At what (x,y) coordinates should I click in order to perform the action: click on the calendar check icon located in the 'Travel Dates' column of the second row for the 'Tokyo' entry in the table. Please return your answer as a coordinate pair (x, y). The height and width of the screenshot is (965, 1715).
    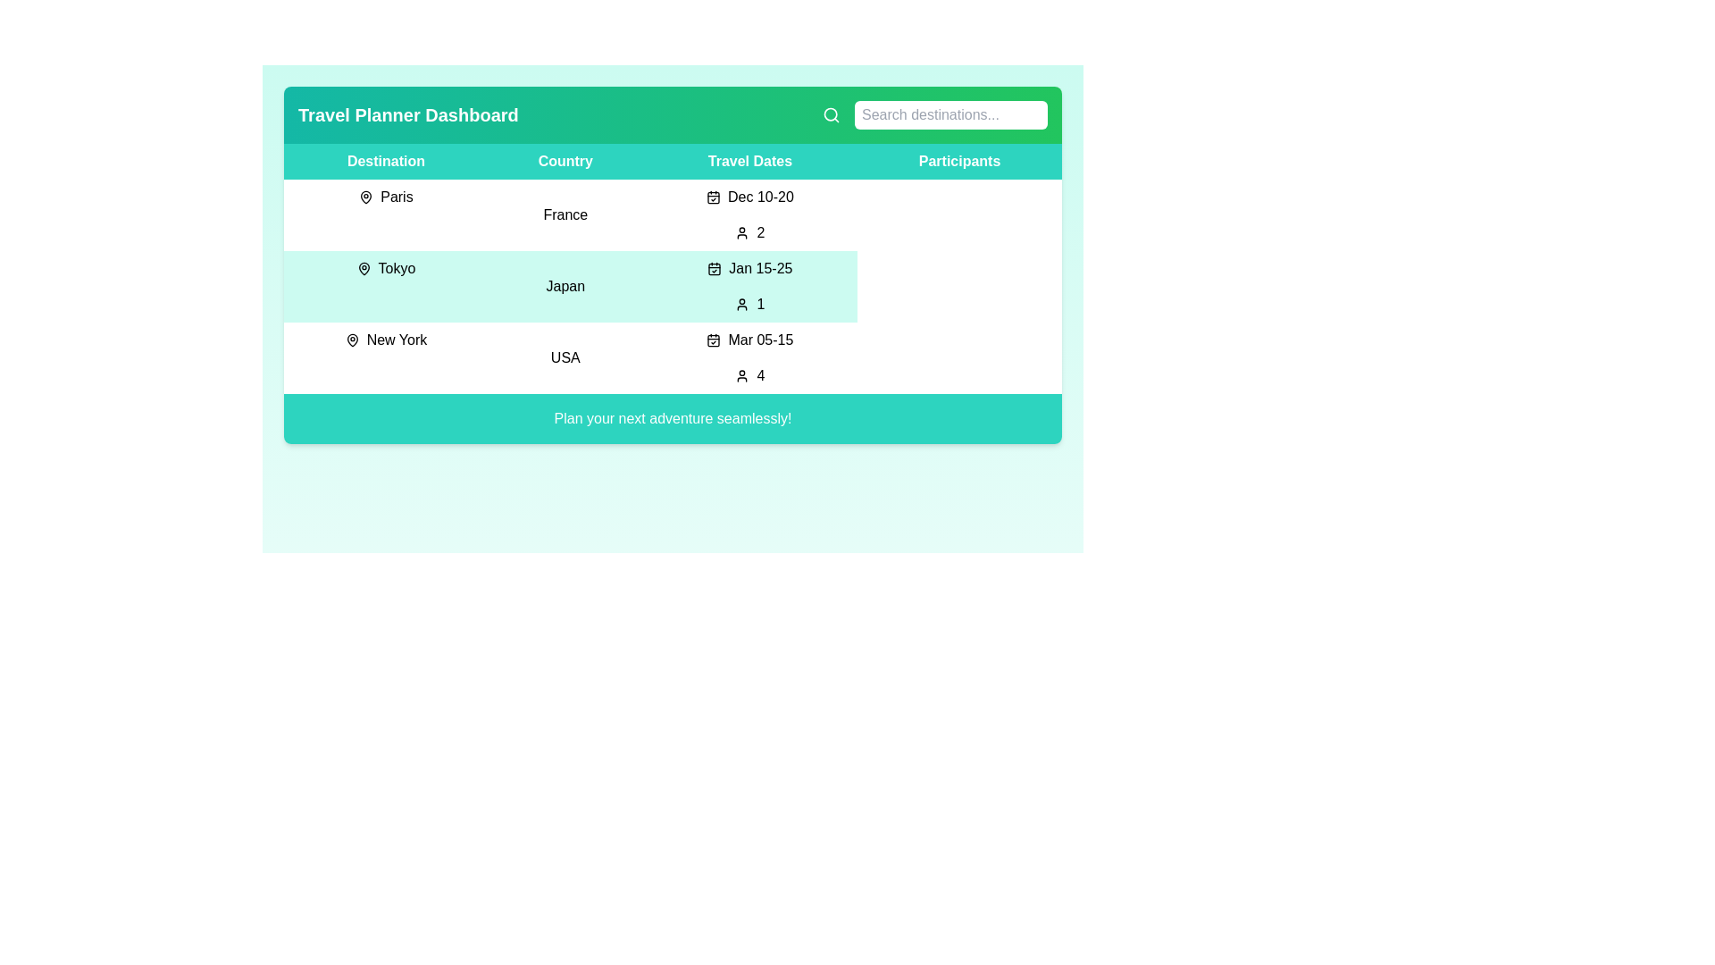
    Looking at the image, I should click on (715, 268).